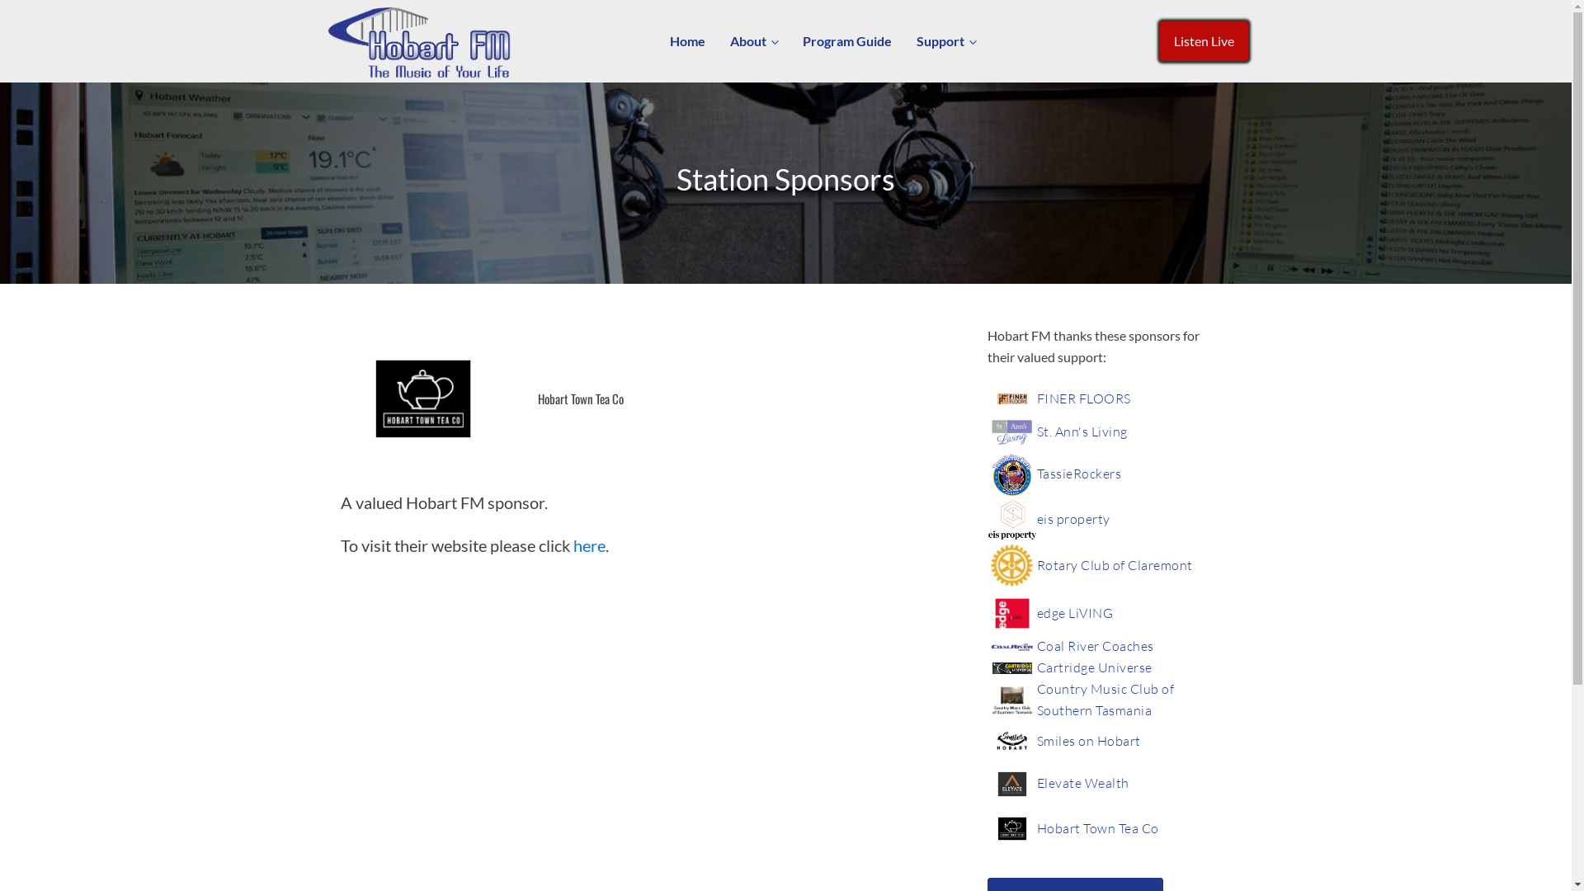 The width and height of the screenshot is (1584, 891). I want to click on 'Cartridge Universe', so click(1093, 668).